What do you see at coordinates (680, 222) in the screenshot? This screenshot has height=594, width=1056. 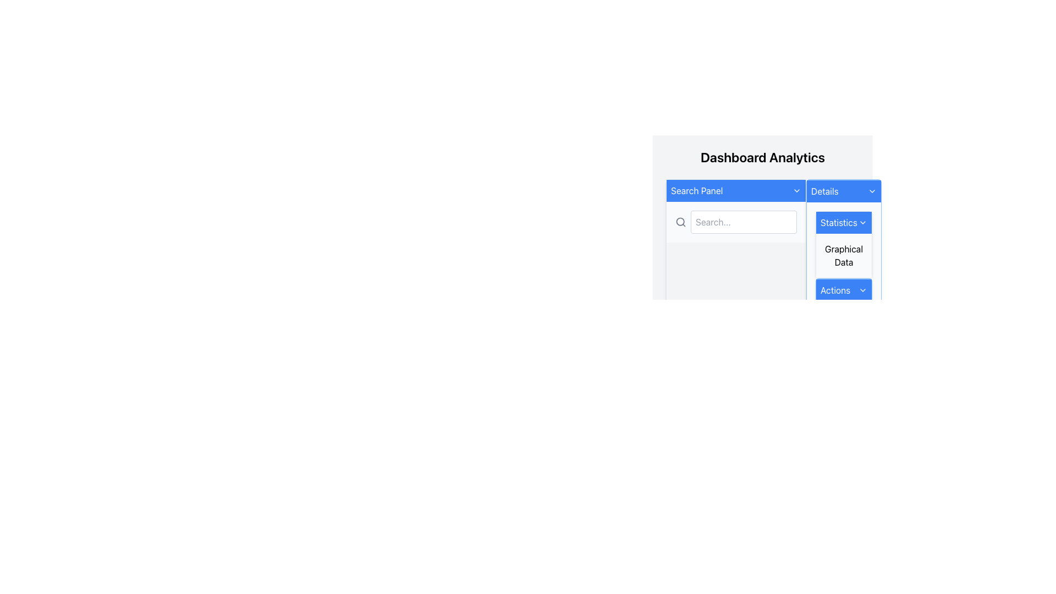 I see `the search icon, which is characterized by its circular magnifying glass shape with a gray outline, located to the left of the text input field labeled 'Search...'` at bounding box center [680, 222].